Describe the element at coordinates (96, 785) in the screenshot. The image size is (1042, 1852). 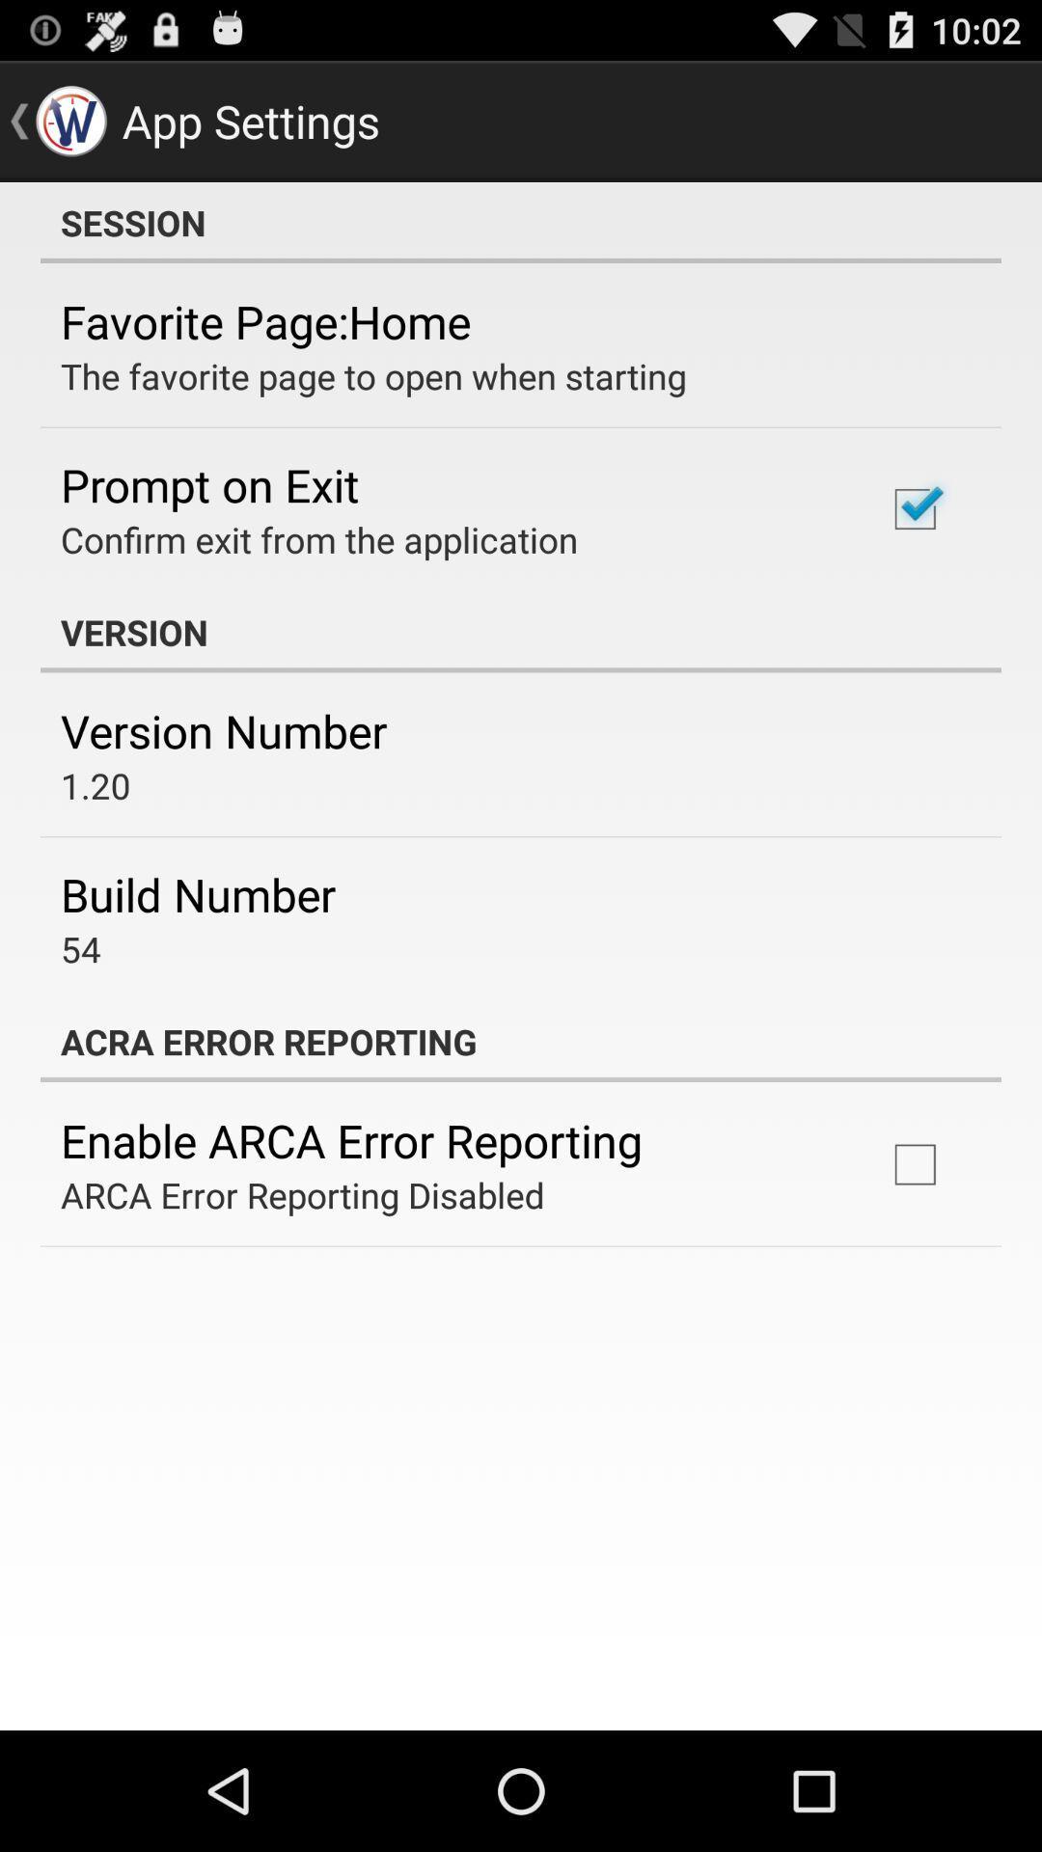
I see `the item below version number icon` at that location.